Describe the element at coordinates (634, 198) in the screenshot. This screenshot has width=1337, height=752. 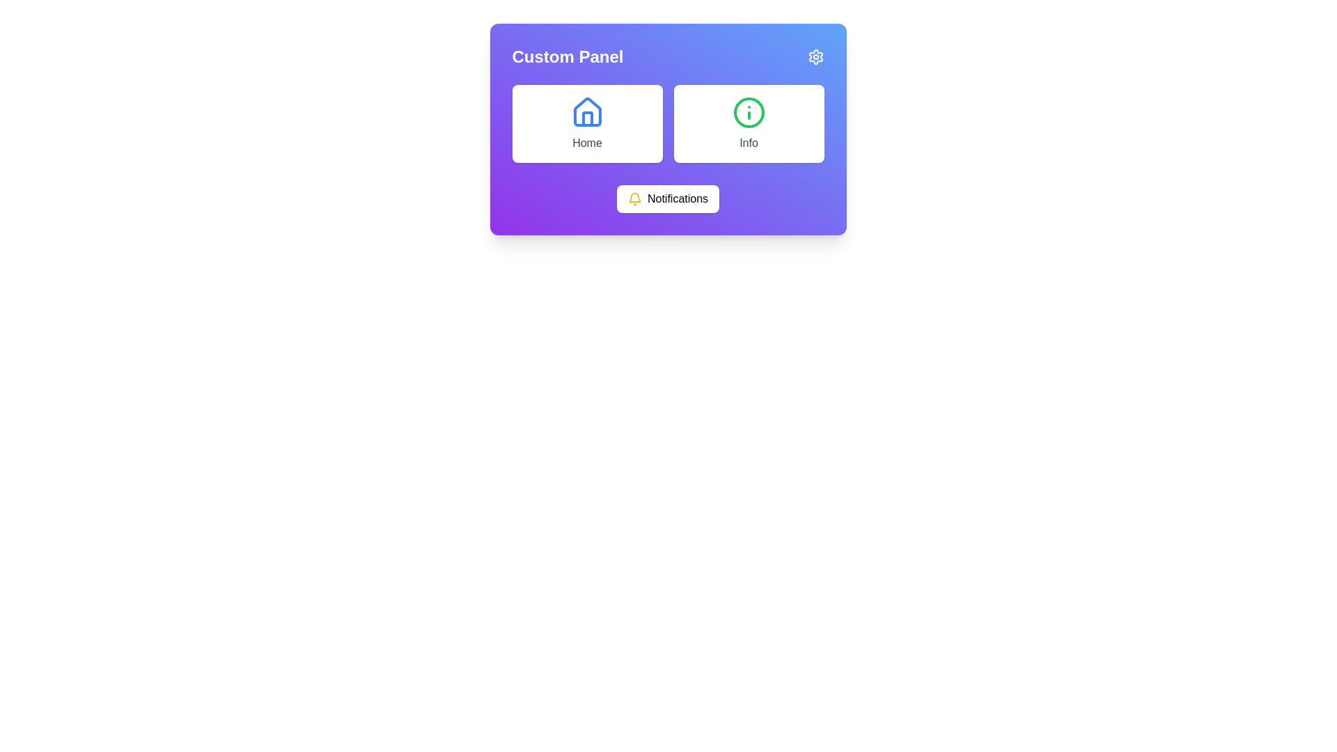
I see `the 'Notifications' button that contains the yellow bell icon` at that location.